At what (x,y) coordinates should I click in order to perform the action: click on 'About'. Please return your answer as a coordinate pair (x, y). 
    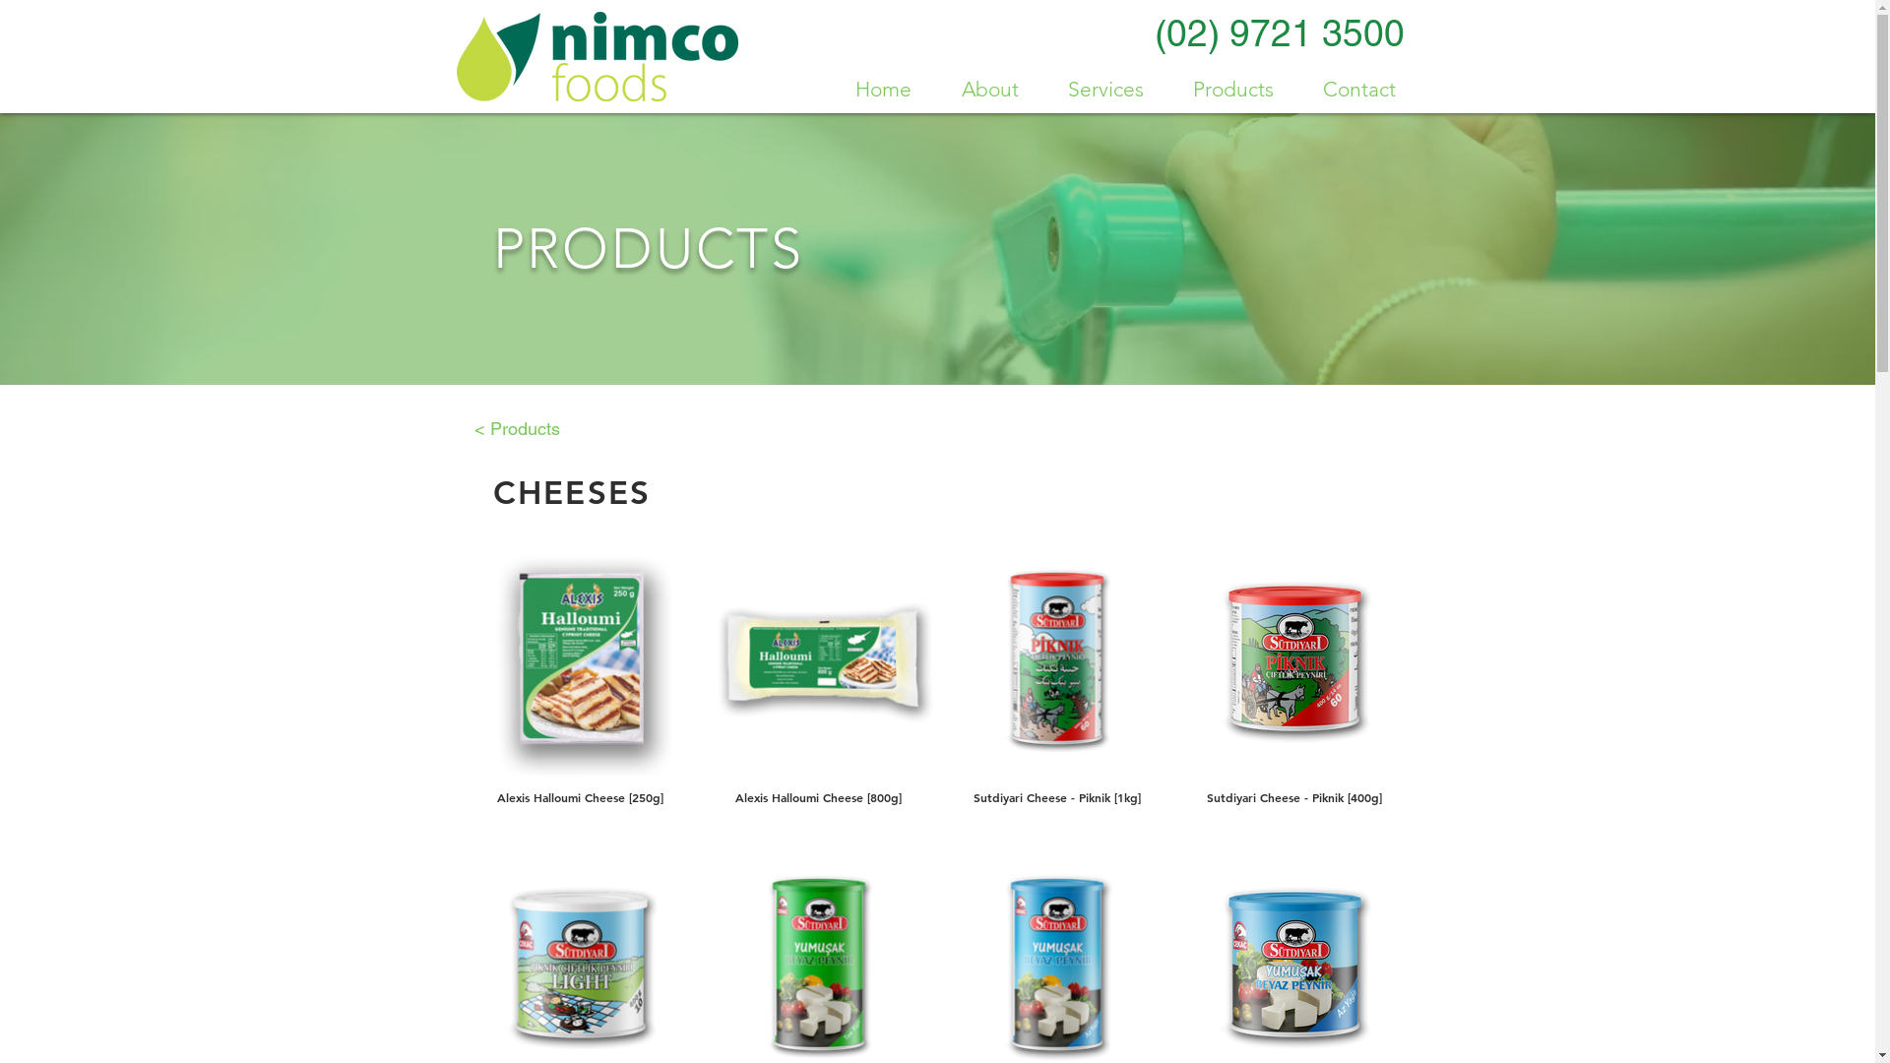
    Looking at the image, I should click on (990, 89).